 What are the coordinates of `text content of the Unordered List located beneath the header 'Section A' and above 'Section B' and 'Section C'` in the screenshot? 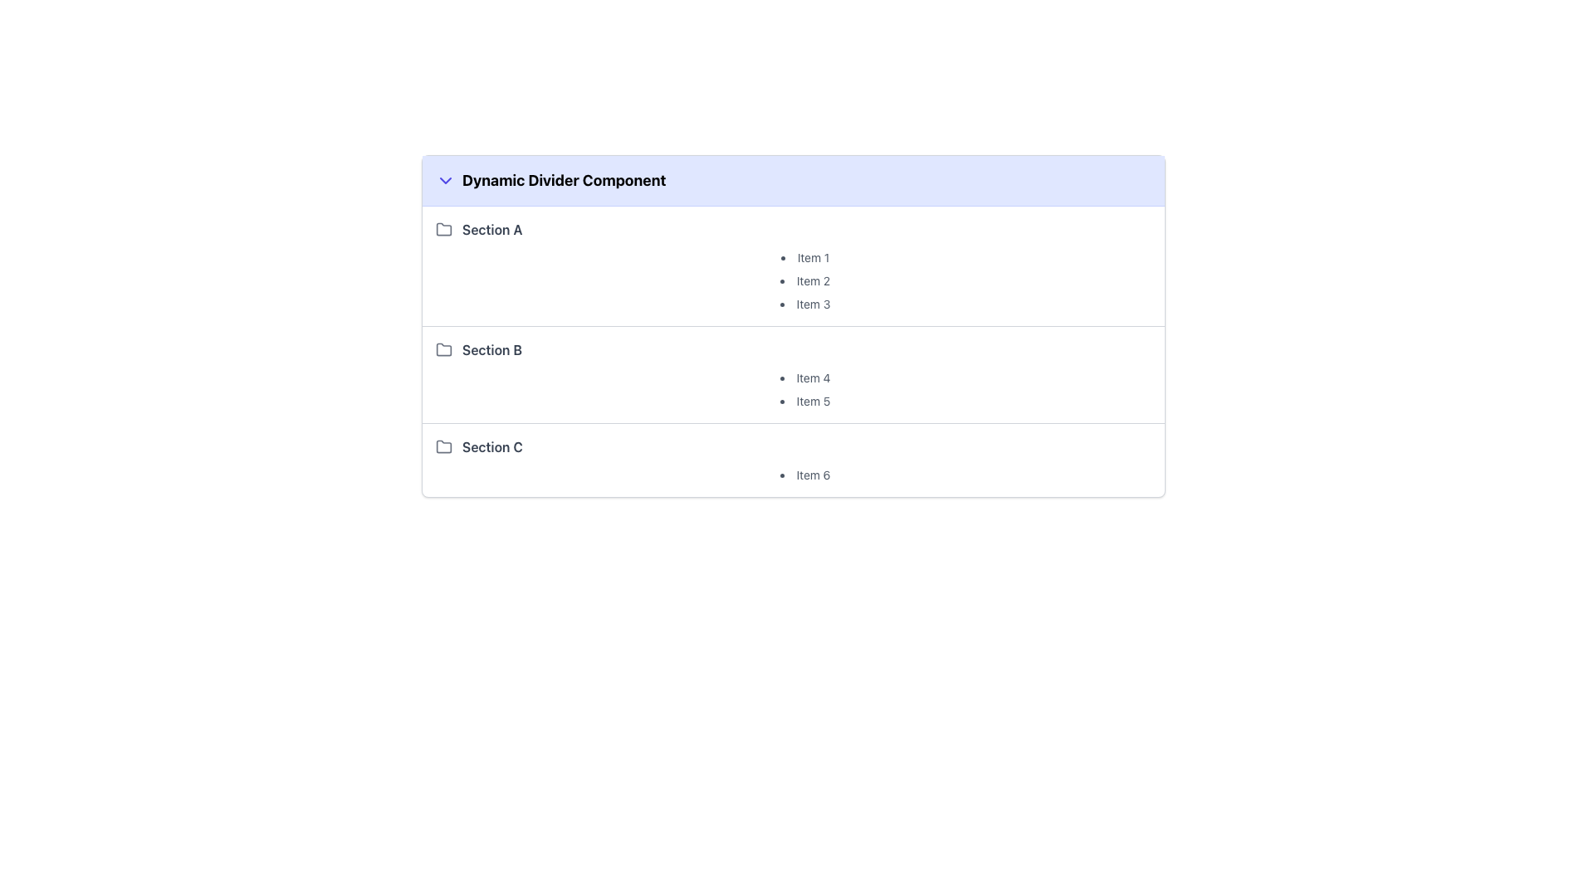 It's located at (792, 280).